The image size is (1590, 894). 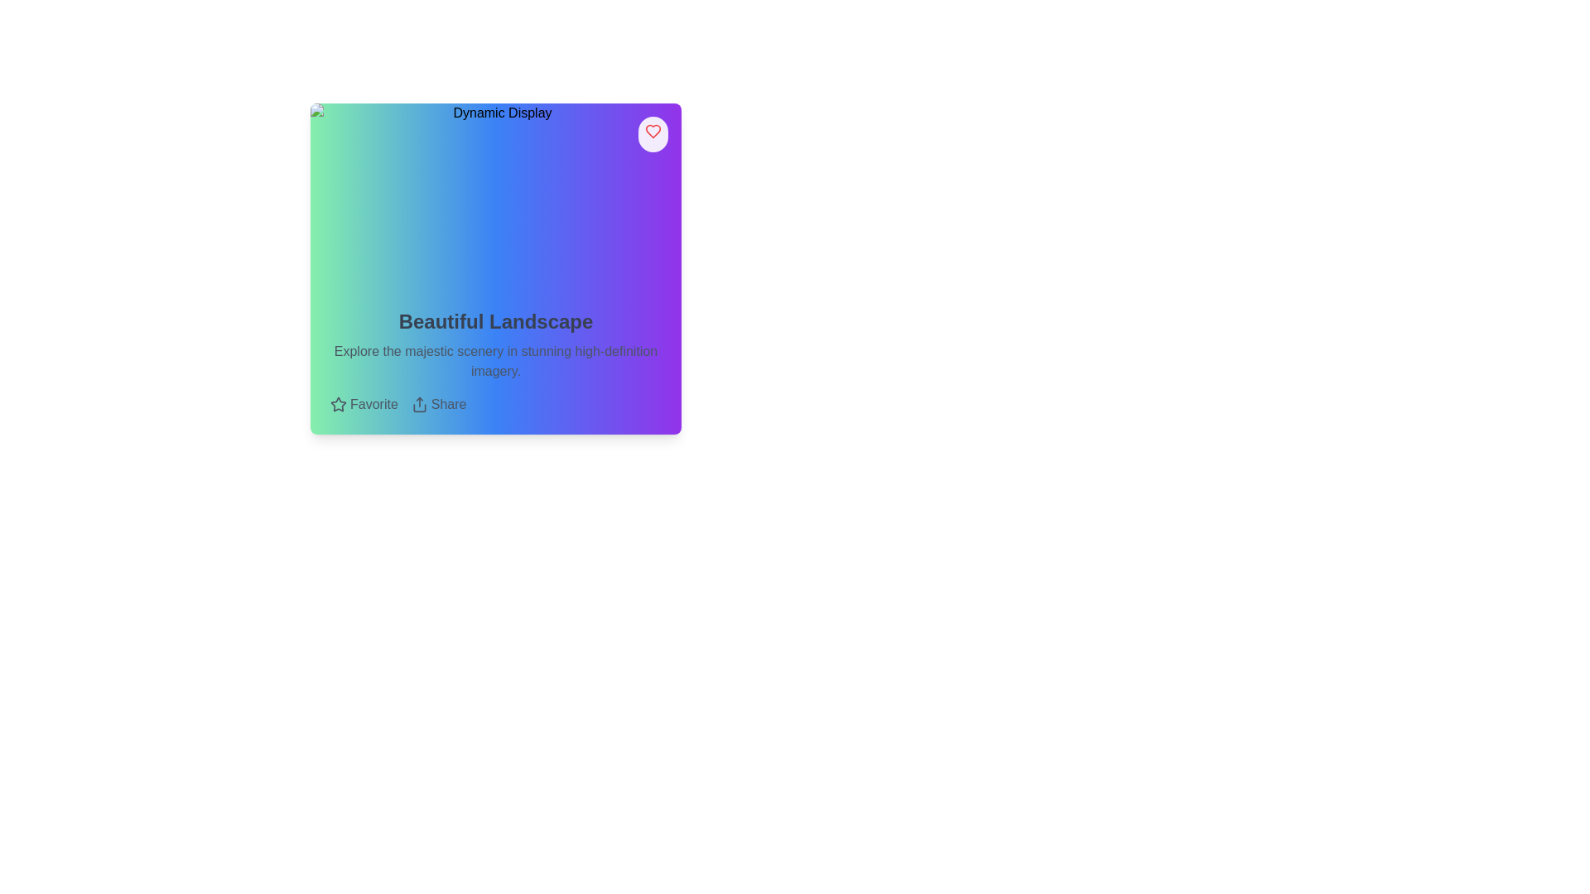 What do you see at coordinates (652, 130) in the screenshot?
I see `the heart icon located in the upper-right corner of the card interface, which represents a 'favorite' or 'like' action` at bounding box center [652, 130].